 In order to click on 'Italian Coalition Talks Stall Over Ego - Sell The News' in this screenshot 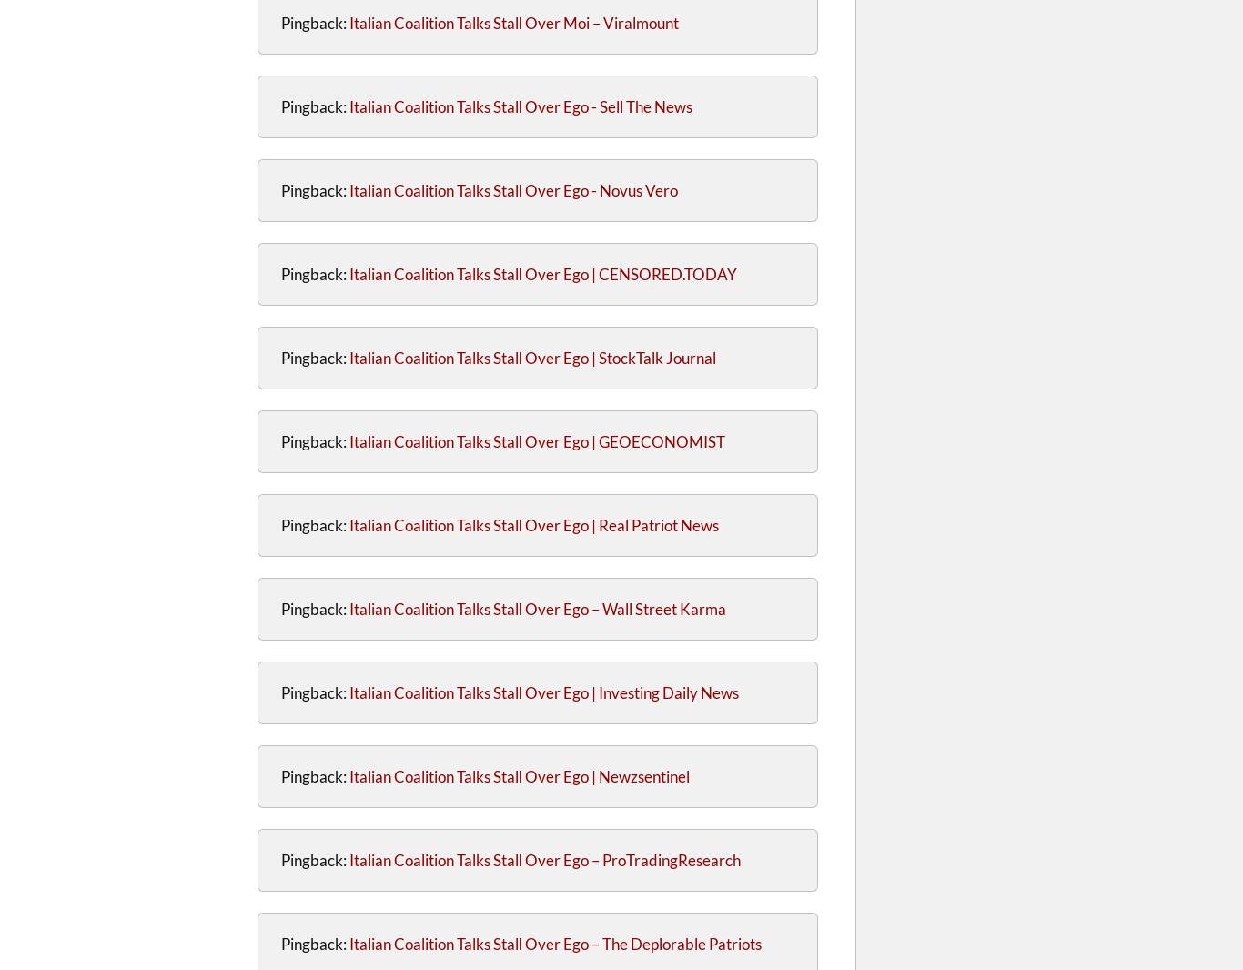, I will do `click(348, 106)`.